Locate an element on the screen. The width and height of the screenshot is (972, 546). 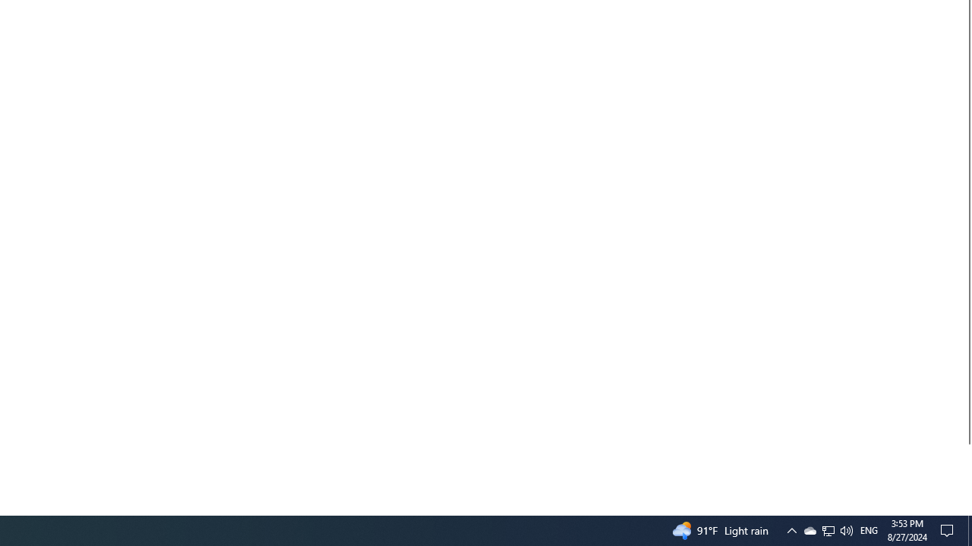
'Vertical Large Increase' is located at coordinates (965, 472).